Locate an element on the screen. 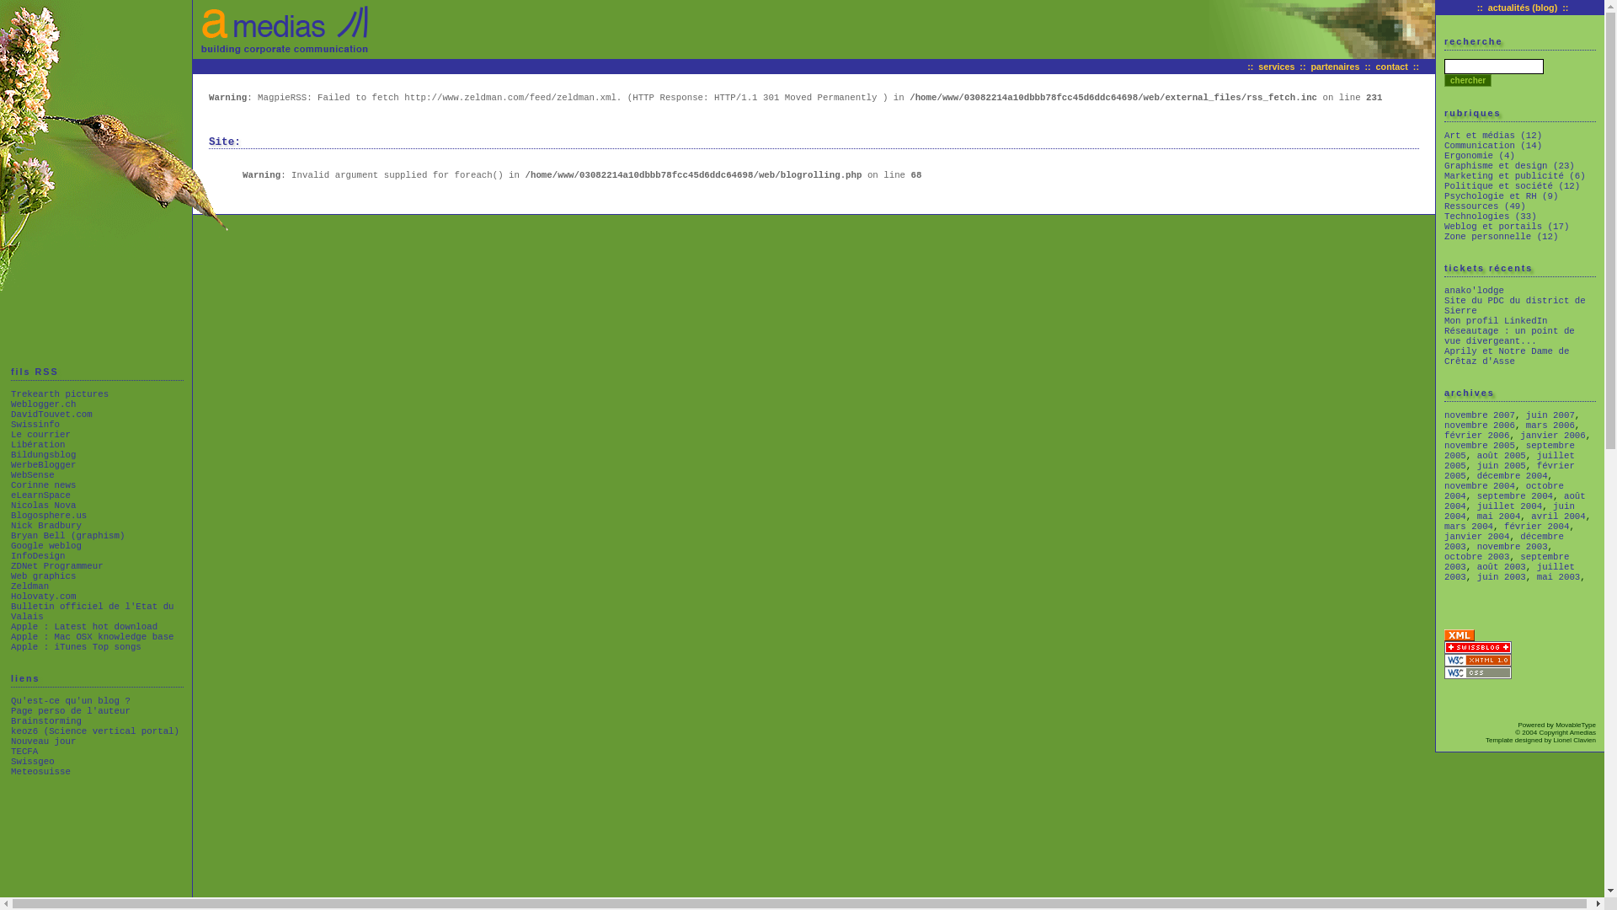 The height and width of the screenshot is (910, 1617). 'Weblog et portails (17)' is located at coordinates (1507, 226).